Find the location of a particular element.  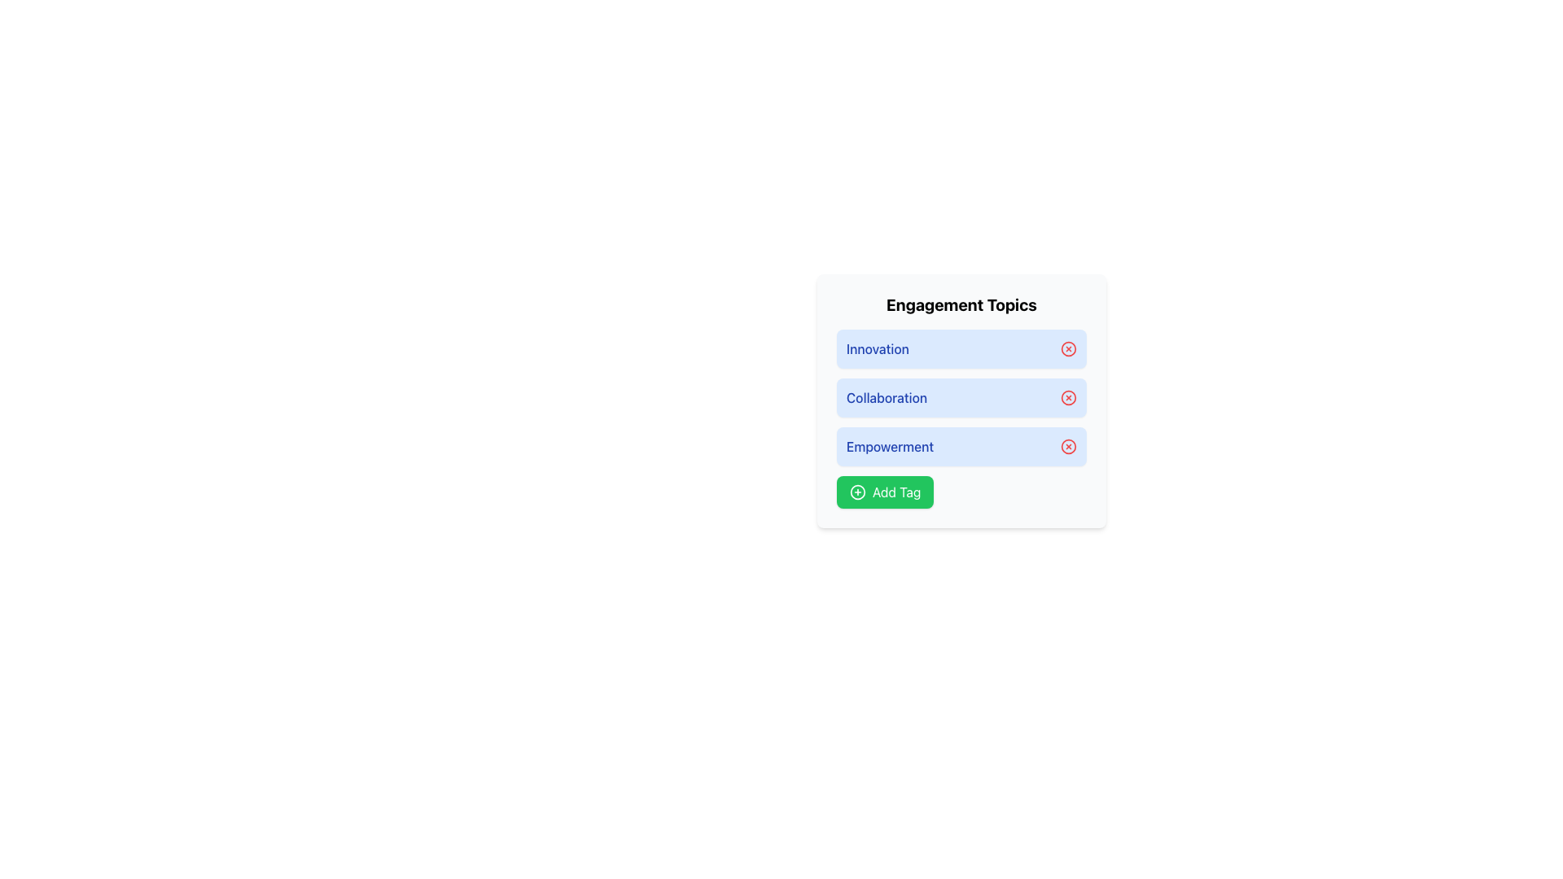

the decorative button-like icon located in the bottom-right corner of the 'Empowerment' row under the 'Engagement Topics' heading is located at coordinates (1069, 446).